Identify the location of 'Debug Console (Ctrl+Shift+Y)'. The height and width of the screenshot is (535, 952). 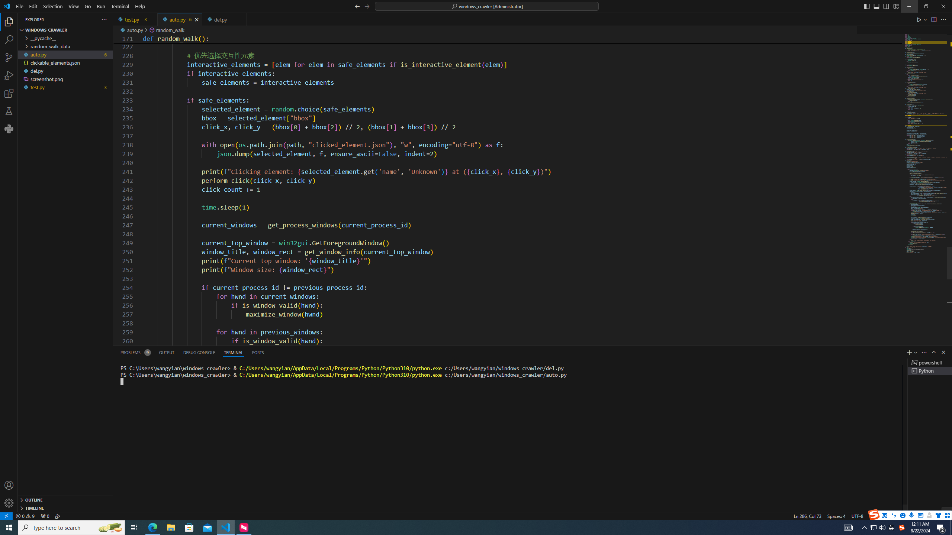
(199, 352).